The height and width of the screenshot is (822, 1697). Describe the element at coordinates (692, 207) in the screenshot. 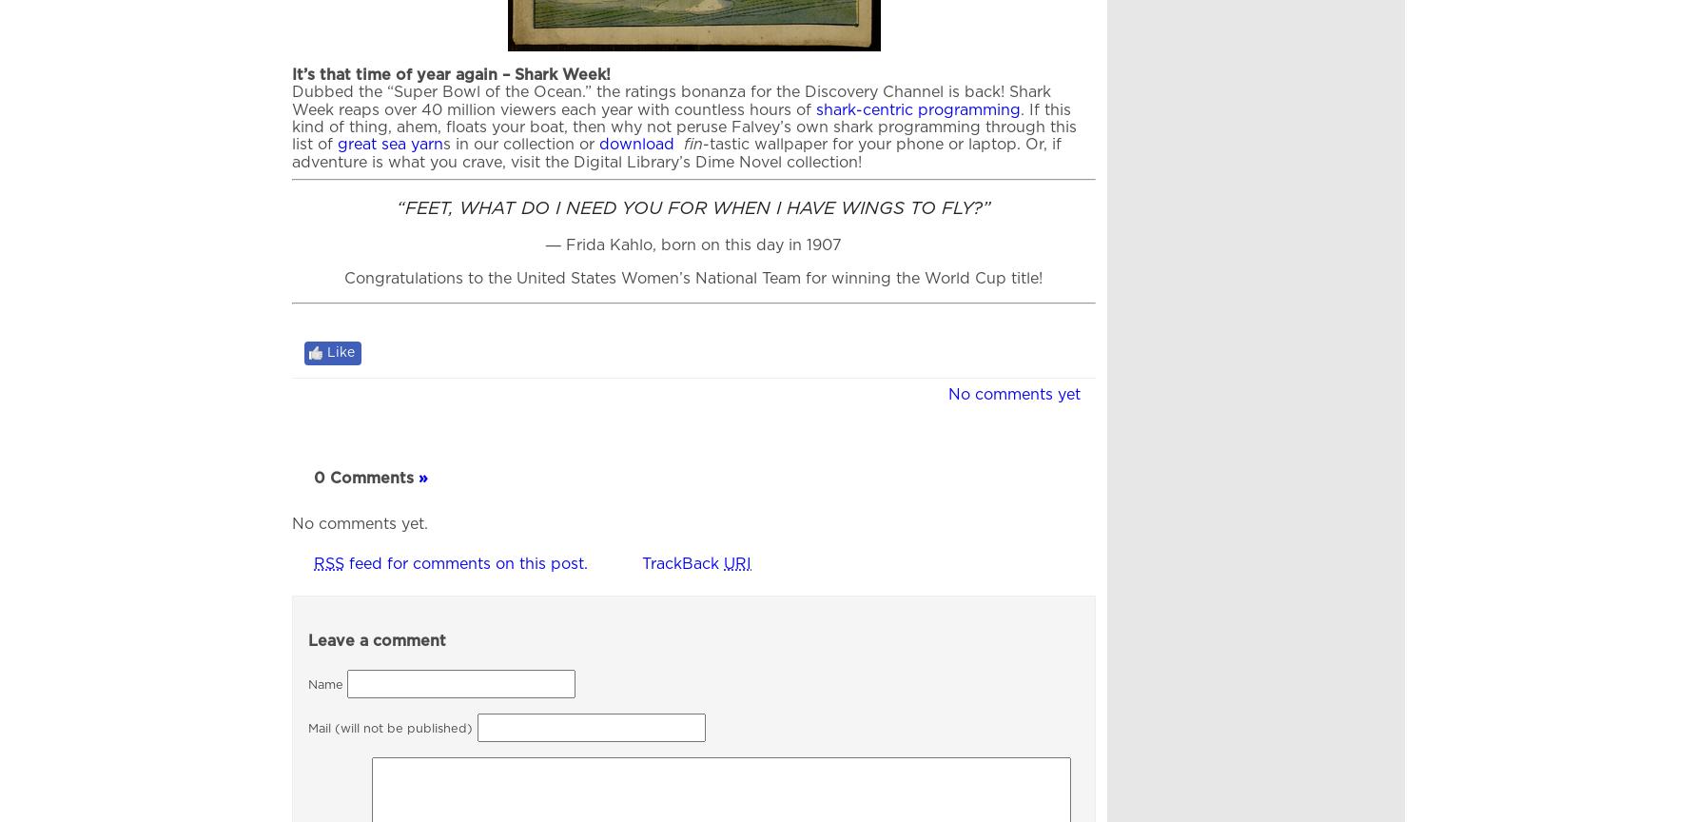

I see `'“Feet, what do I need you for when I have wings to fly?”'` at that location.